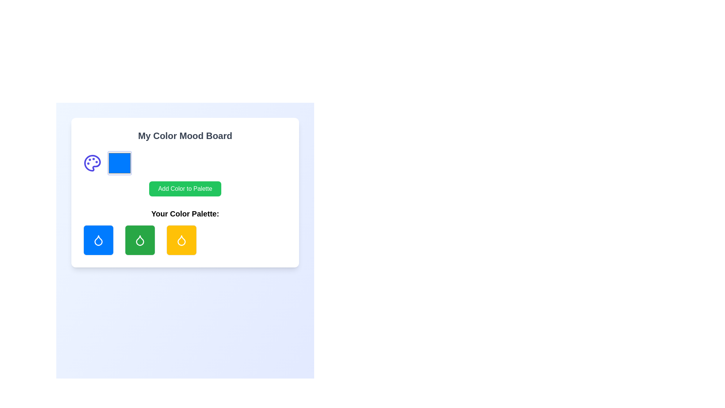  I want to click on the droplet-shaped icon displayed in white against a vibrant yellow square background, which is the third item in the bottom row of the 'My Color Mood Board' modal, so click(182, 240).